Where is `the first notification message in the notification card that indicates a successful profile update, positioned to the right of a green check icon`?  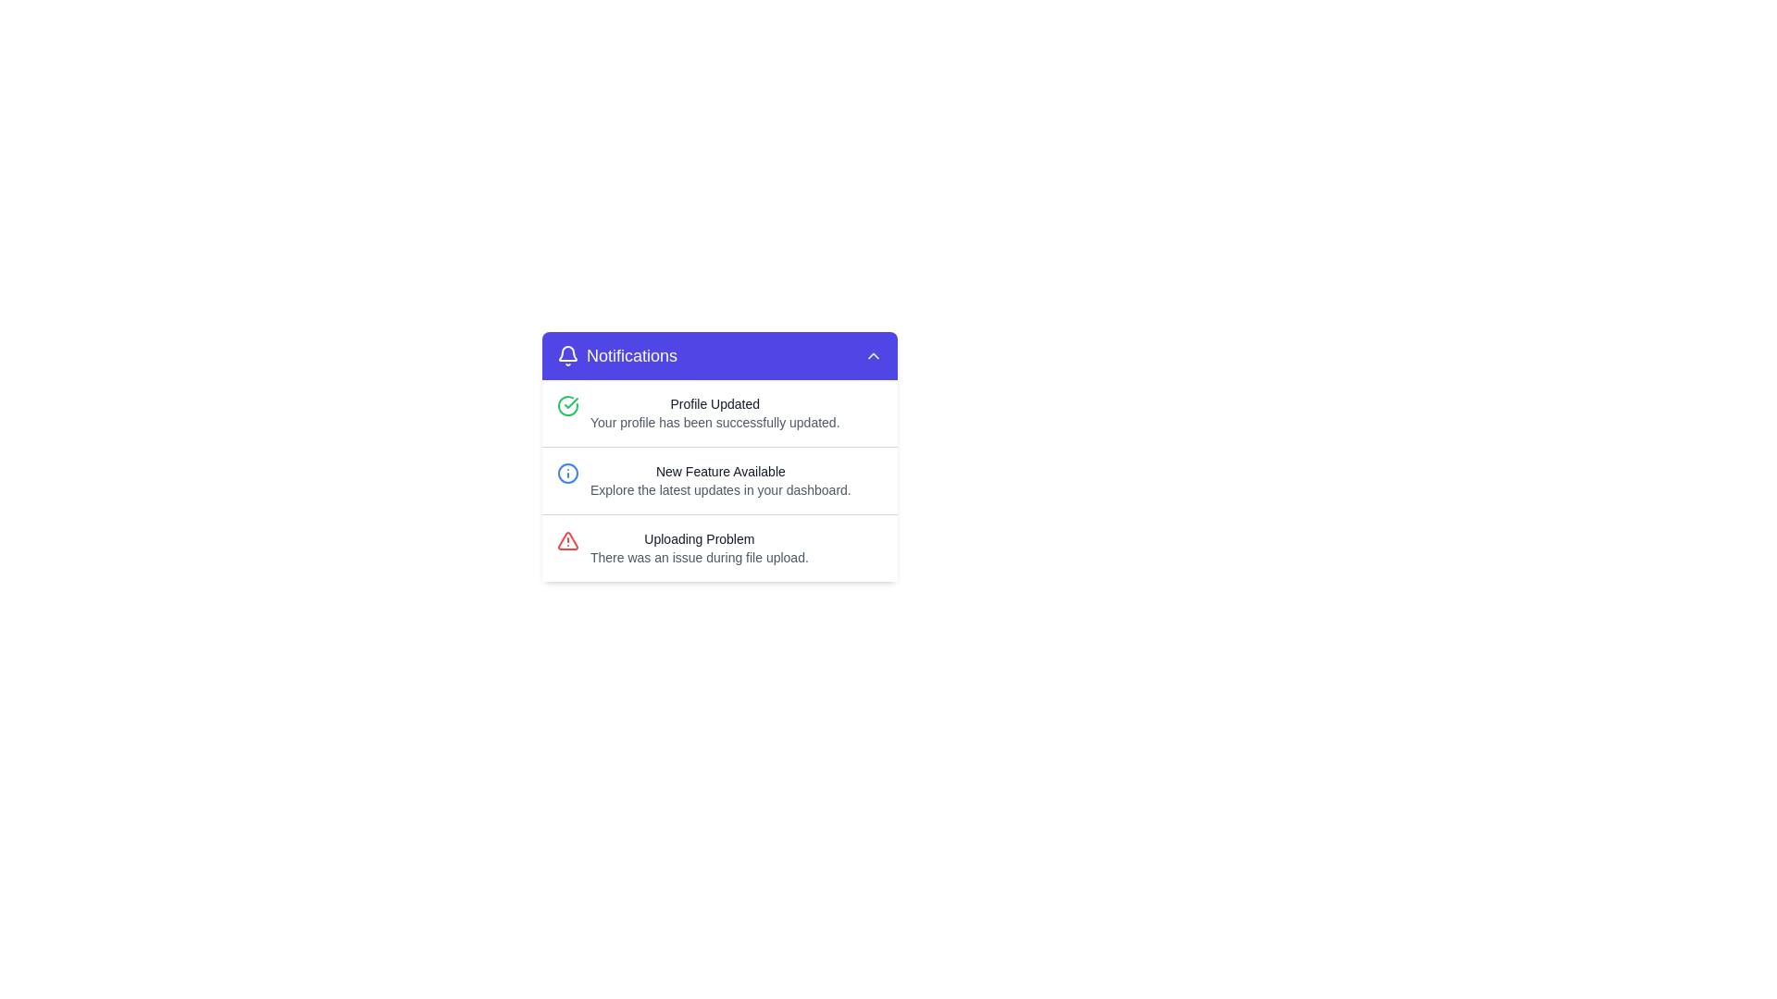
the first notification message in the notification card that indicates a successful profile update, positioned to the right of a green check icon is located at coordinates (714, 413).